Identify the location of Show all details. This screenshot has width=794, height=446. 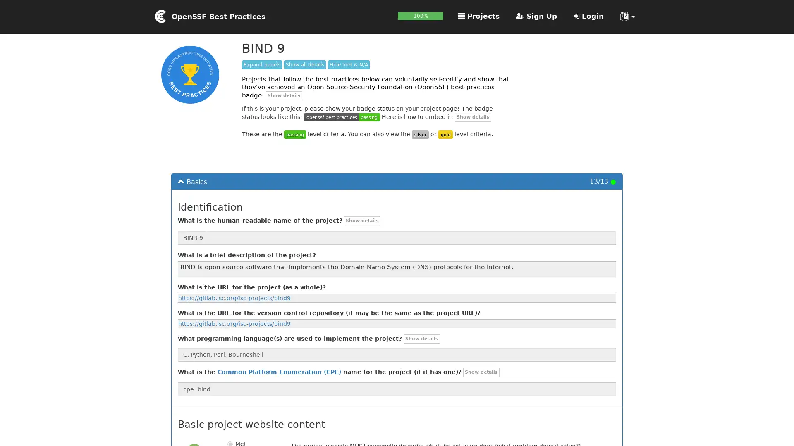
(304, 64).